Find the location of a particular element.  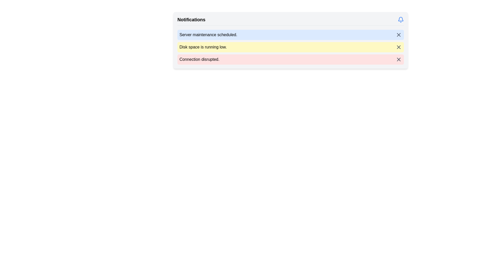

the 'Notifications' text label, which is prominently displayed in bold at the top of the notification area is located at coordinates (191, 19).